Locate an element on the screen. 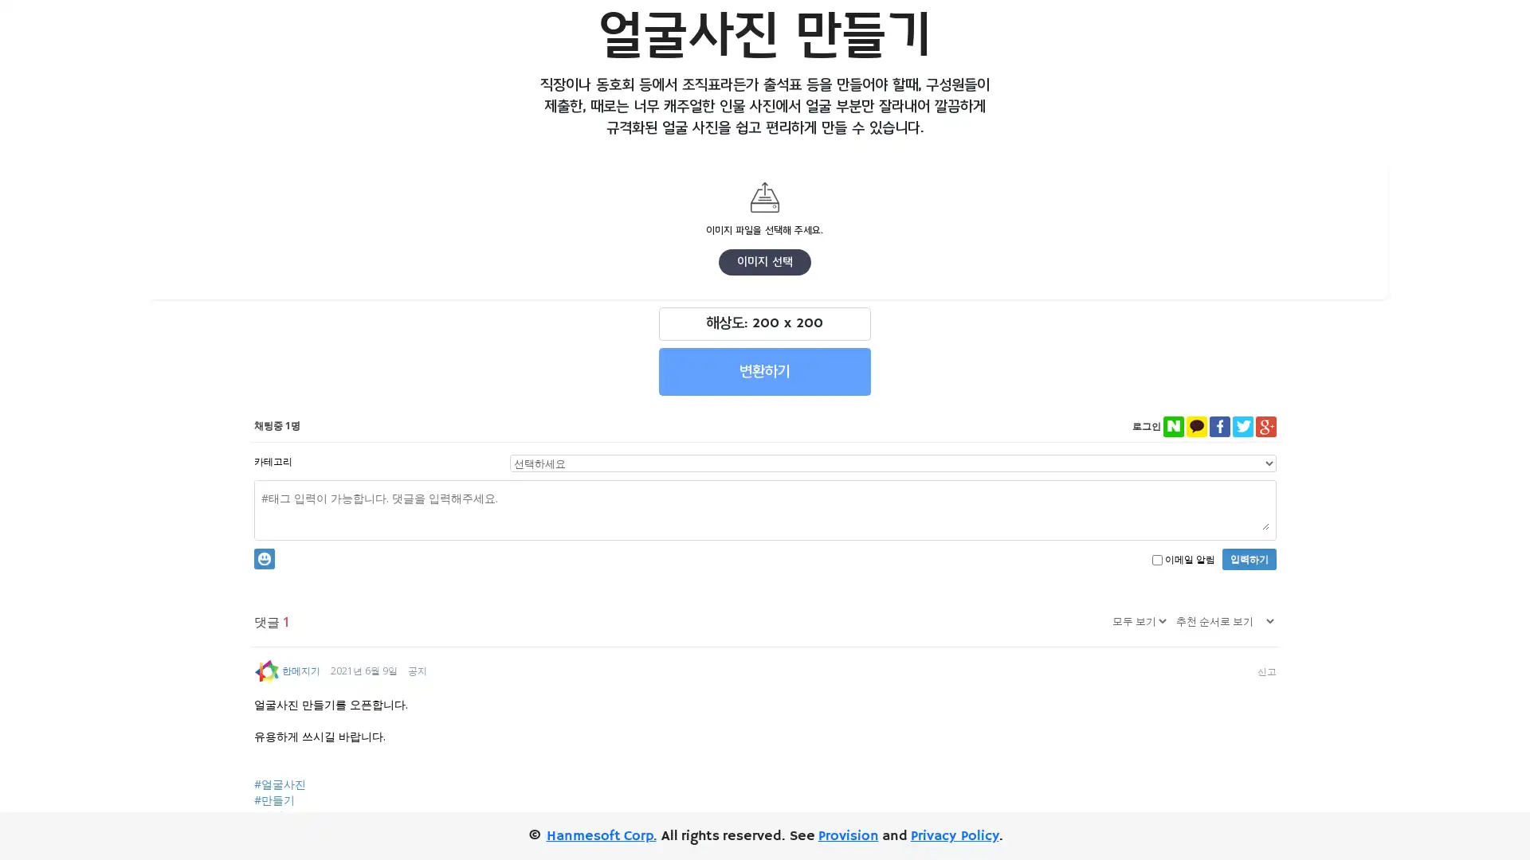 The width and height of the screenshot is (1530, 860). Choose Files is located at coordinates (650, 229).